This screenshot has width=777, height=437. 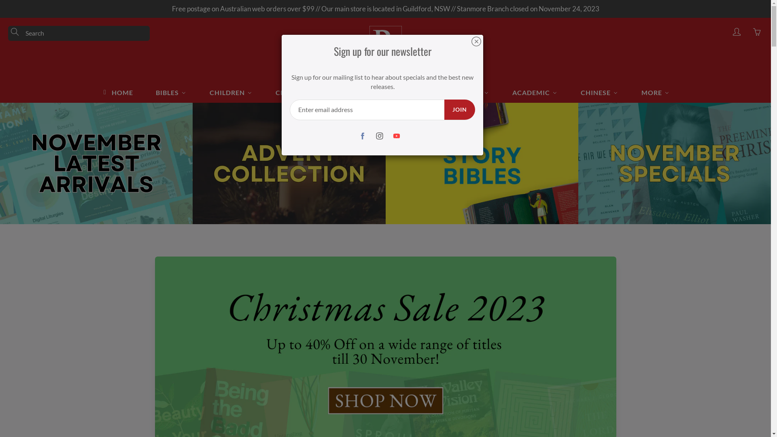 What do you see at coordinates (736, 31) in the screenshot?
I see `'My account'` at bounding box center [736, 31].